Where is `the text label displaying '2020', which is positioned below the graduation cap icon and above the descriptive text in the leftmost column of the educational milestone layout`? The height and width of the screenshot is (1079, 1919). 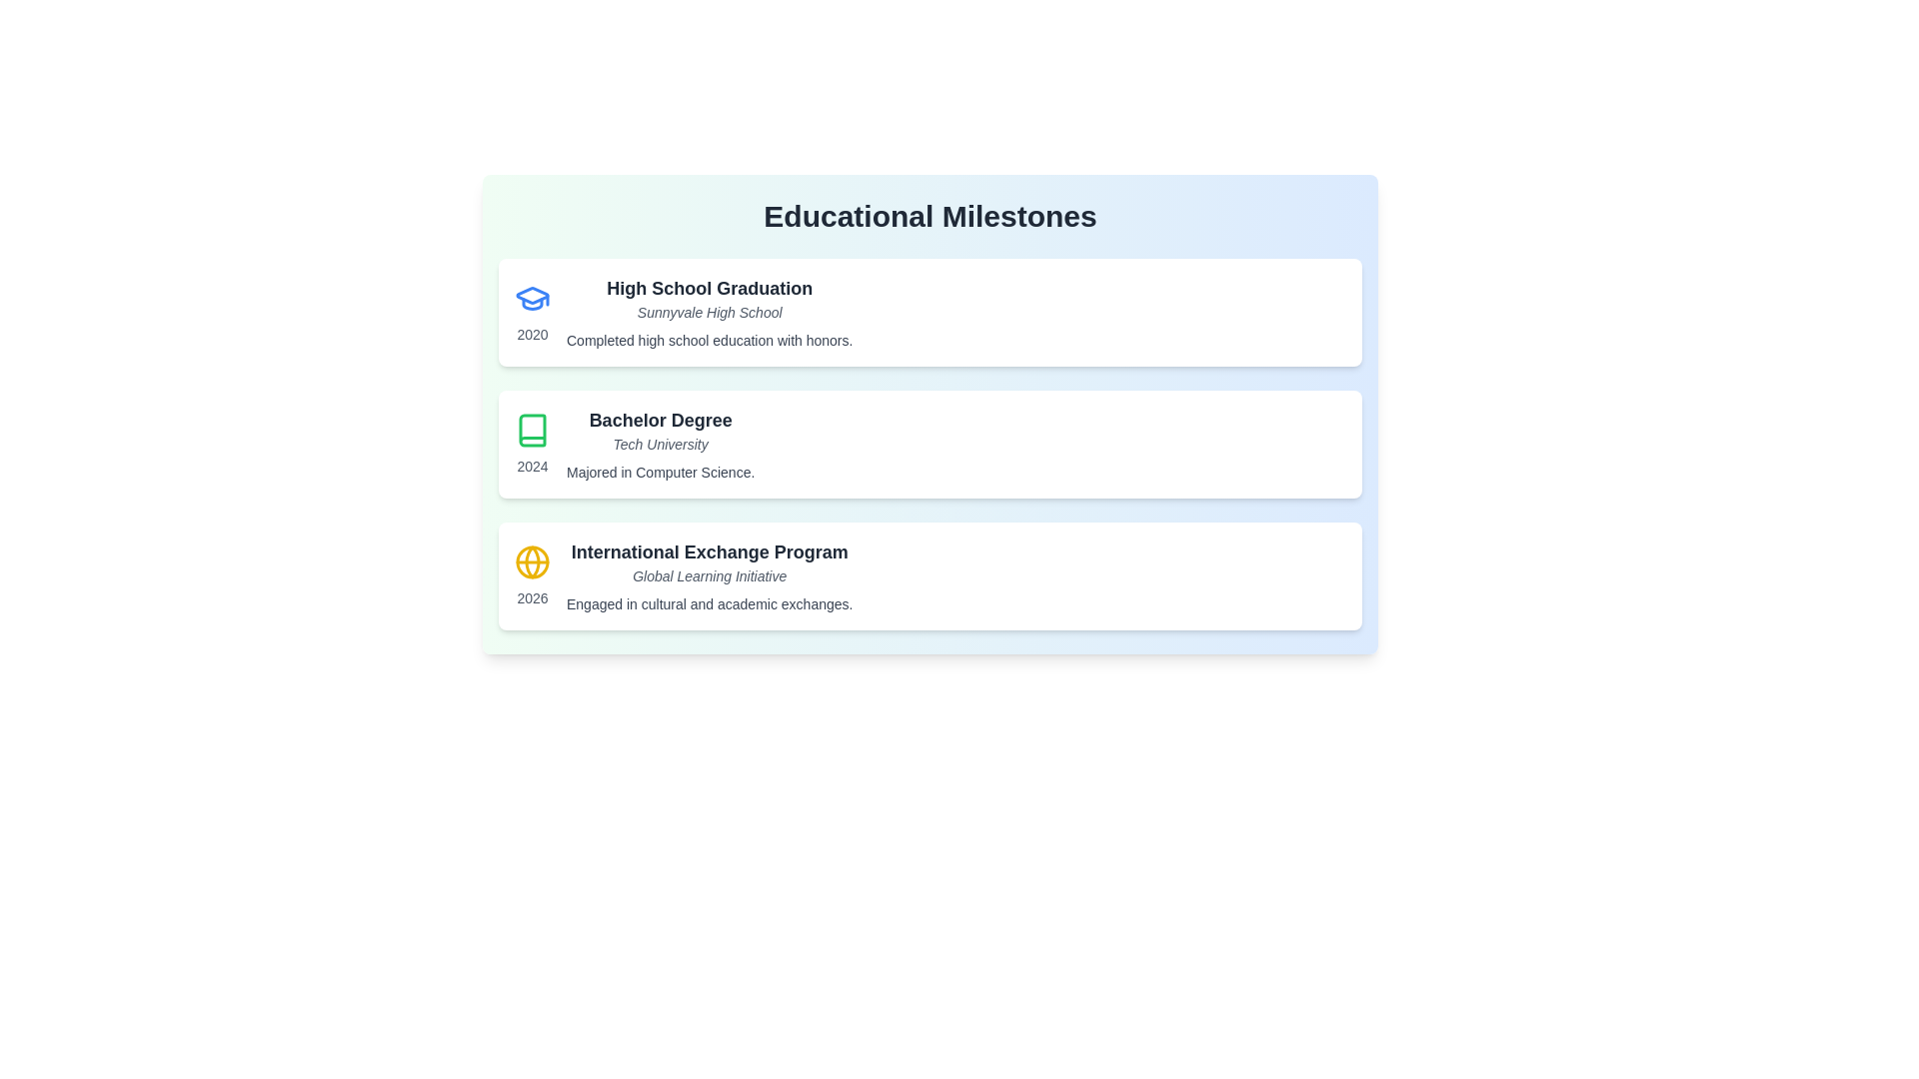 the text label displaying '2020', which is positioned below the graduation cap icon and above the descriptive text in the leftmost column of the educational milestone layout is located at coordinates (532, 334).